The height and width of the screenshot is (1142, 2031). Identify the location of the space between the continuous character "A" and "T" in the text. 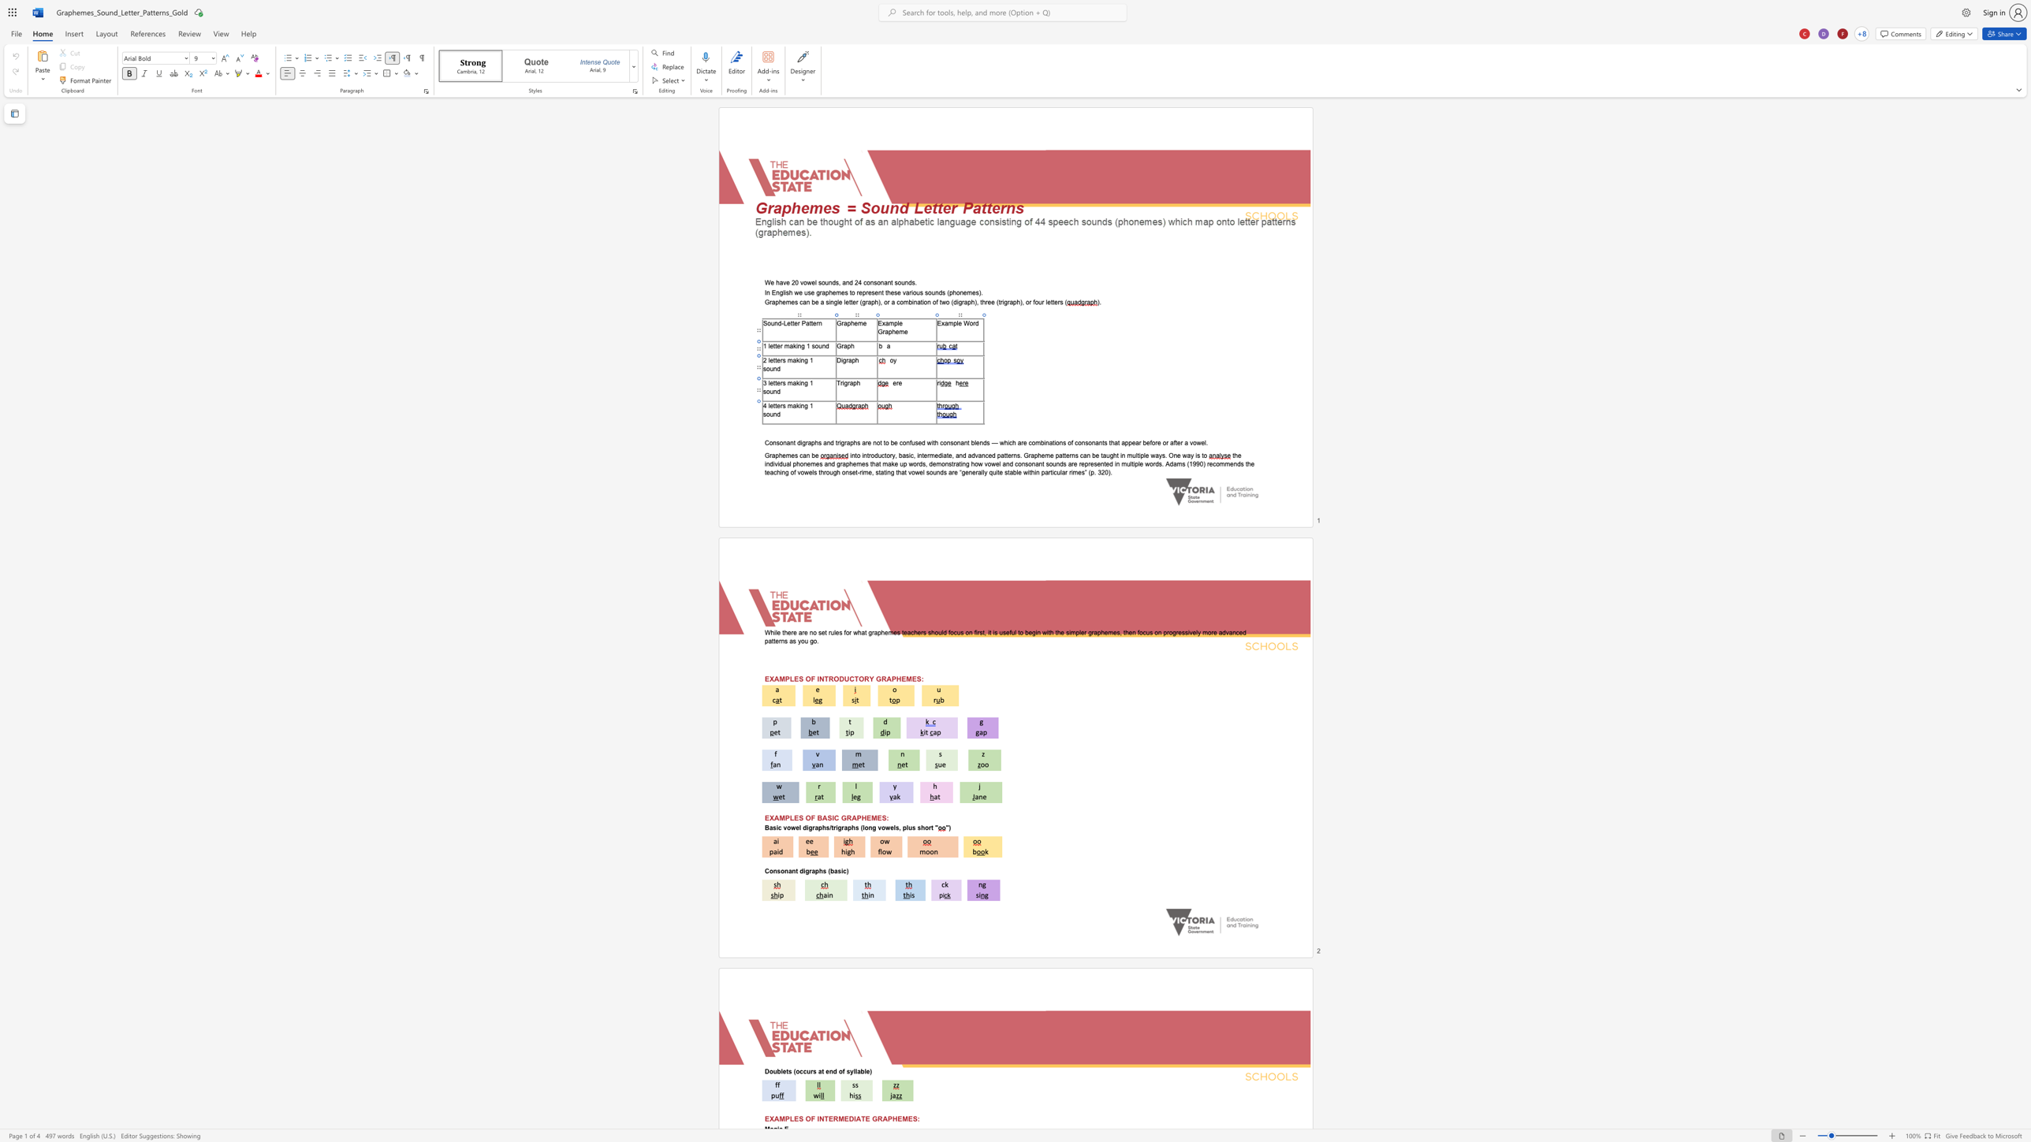
(860, 1118).